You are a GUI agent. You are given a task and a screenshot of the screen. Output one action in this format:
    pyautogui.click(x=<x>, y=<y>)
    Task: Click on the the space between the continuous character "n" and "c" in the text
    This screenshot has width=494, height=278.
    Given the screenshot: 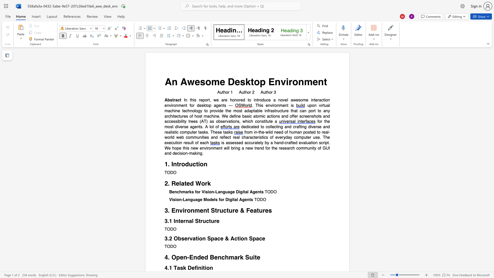 What is the action you would take?
    pyautogui.click(x=221, y=257)
    